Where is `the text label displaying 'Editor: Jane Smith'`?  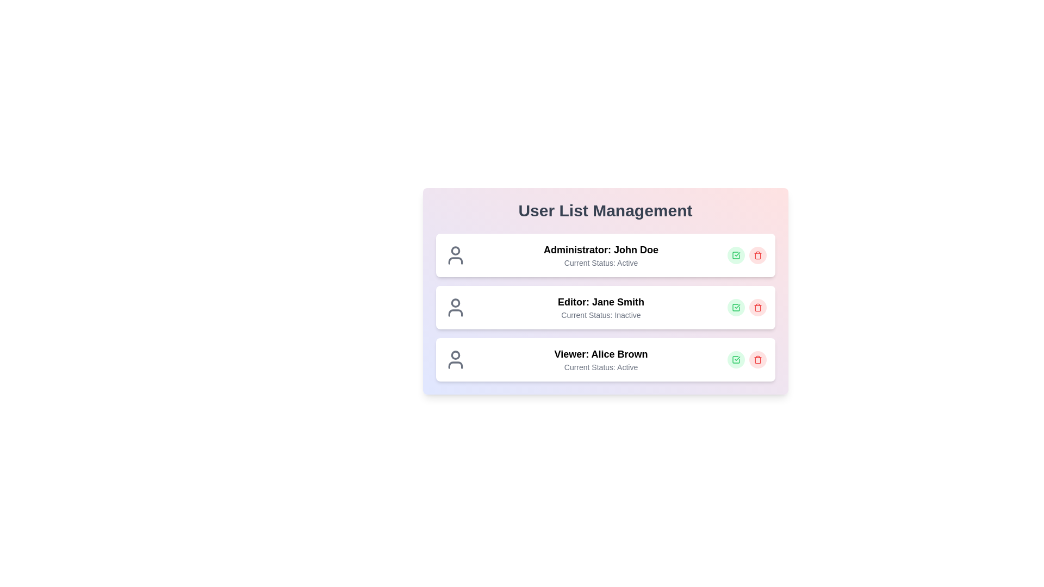
the text label displaying 'Editor: Jane Smith' is located at coordinates (600, 302).